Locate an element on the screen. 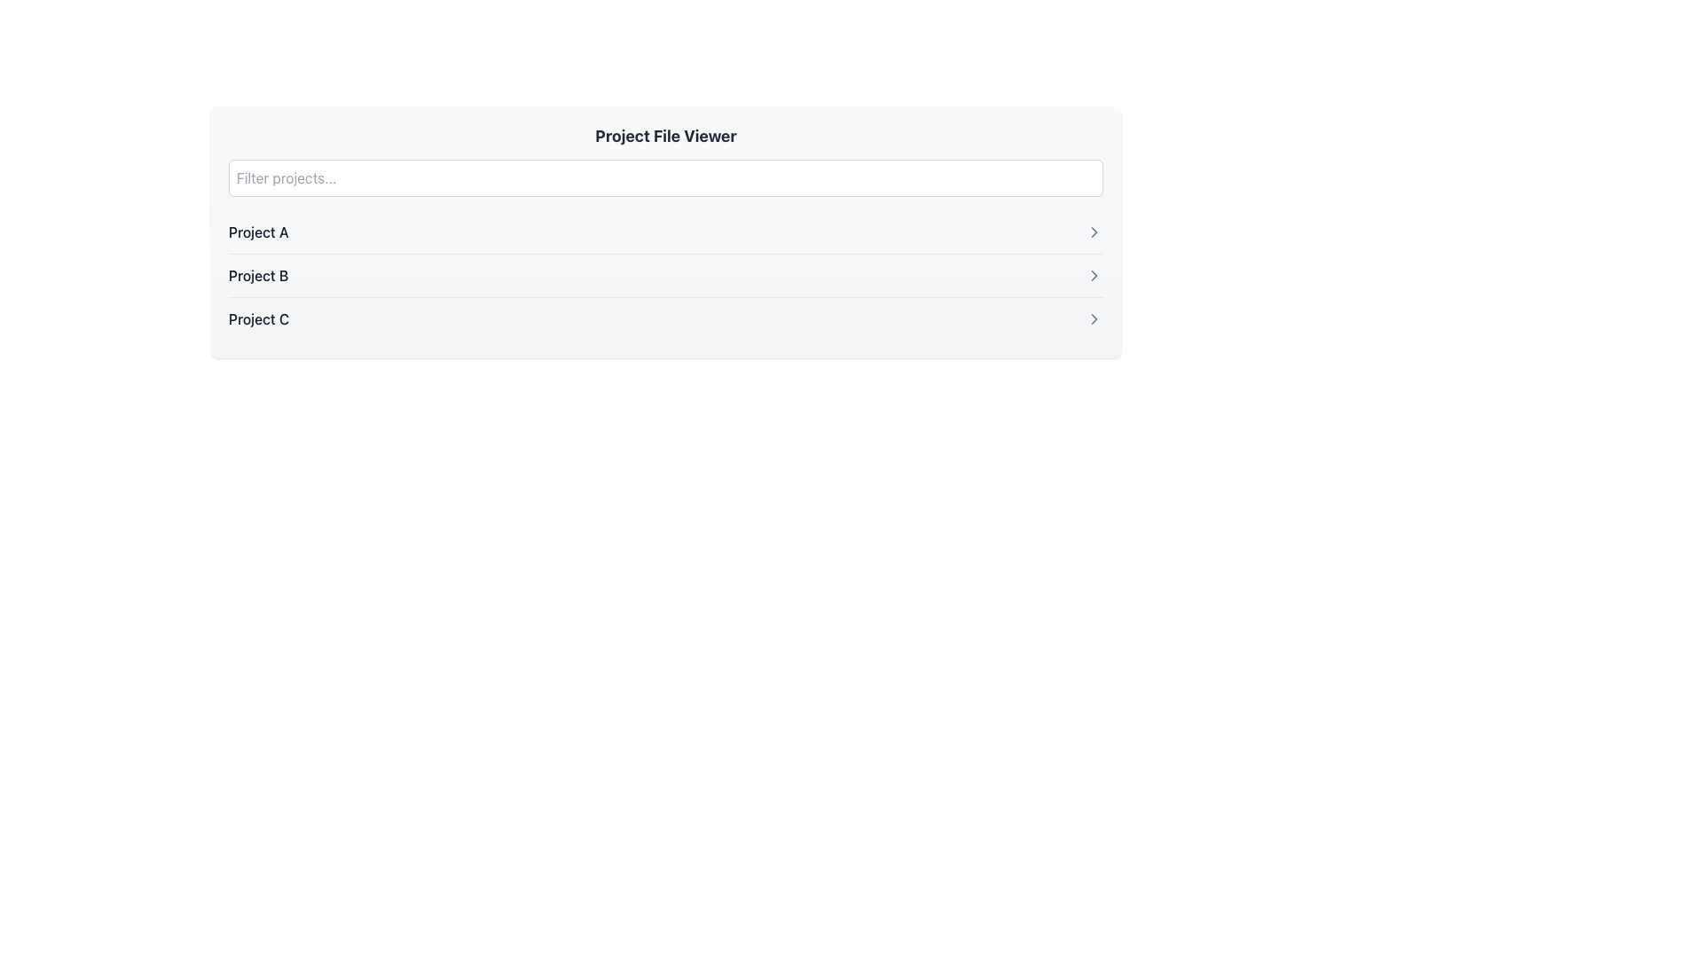 This screenshot has width=1703, height=958. the 'Project B' list item with associated icon is located at coordinates (664, 276).